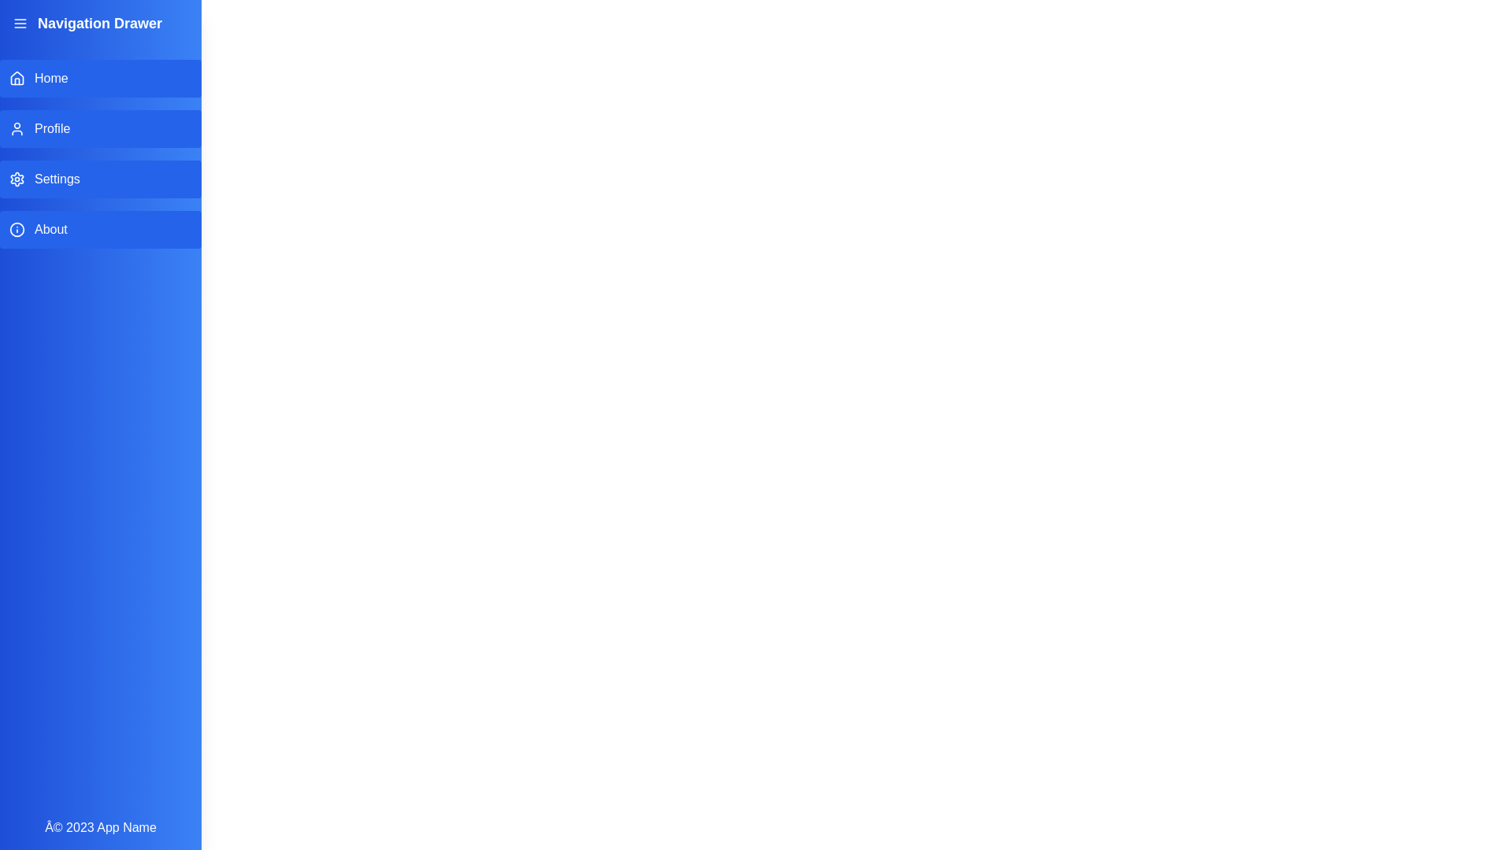 This screenshot has height=850, width=1512. What do you see at coordinates (17, 78) in the screenshot?
I see `the house icon SVG element located in the navigation drawer next to the 'Home' label` at bounding box center [17, 78].